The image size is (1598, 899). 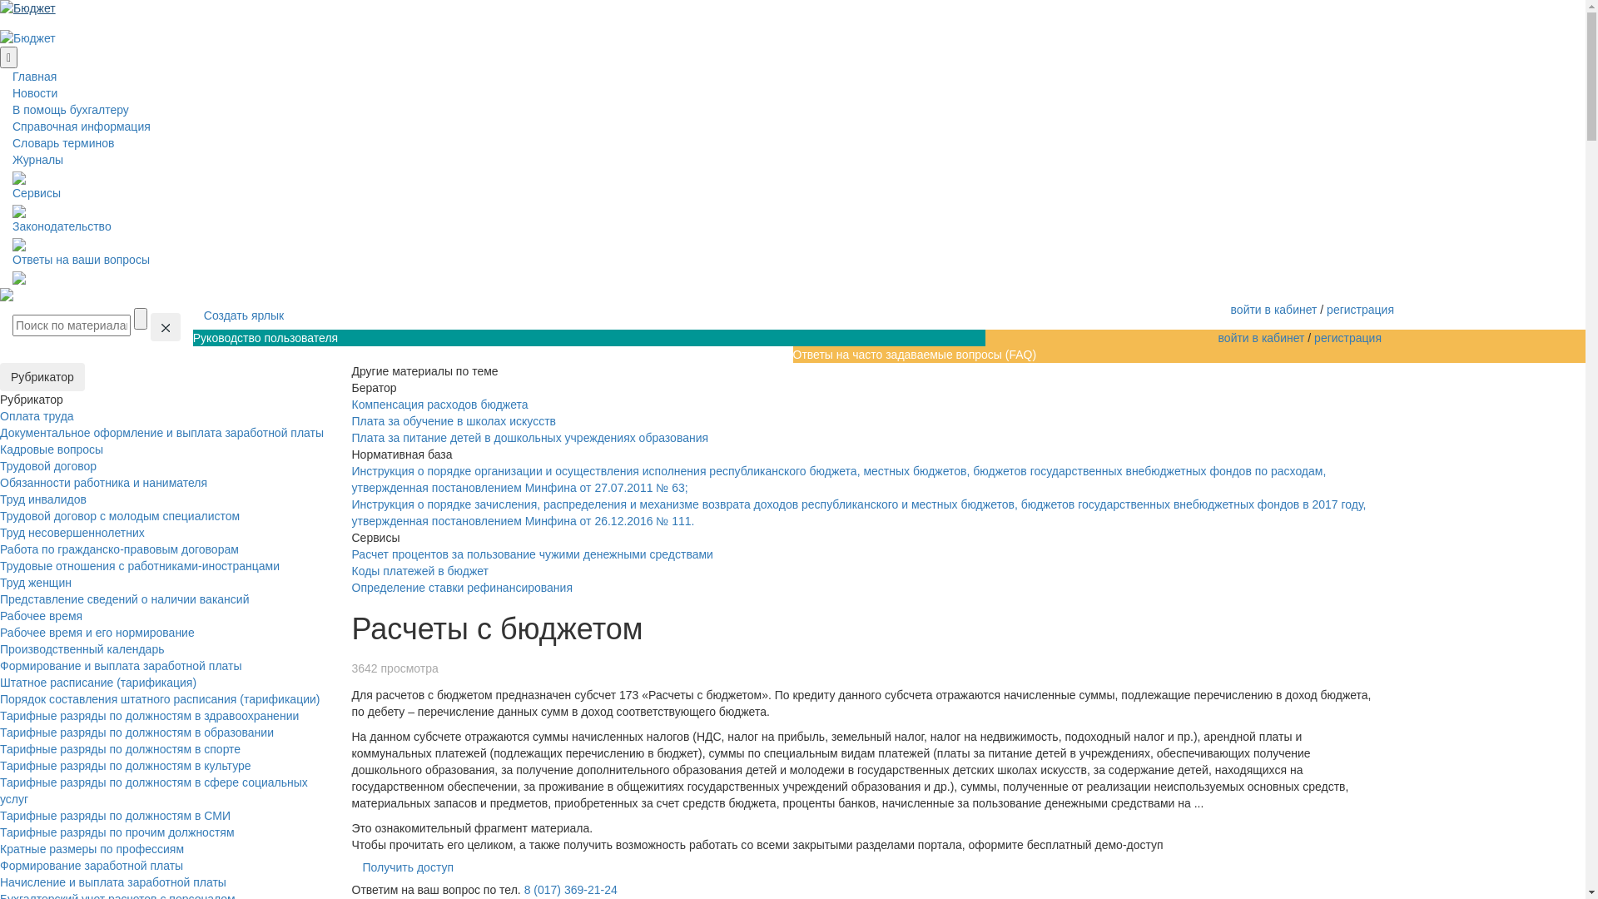 I want to click on '8 (017) 369-21-24', so click(x=571, y=888).